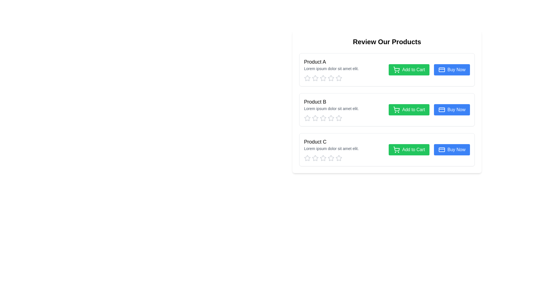  I want to click on the 'Buy Now' button with a blue background and white text, located immediately to the right of the 'Add to Cart' button, to proceed to the purchase flow, so click(452, 149).